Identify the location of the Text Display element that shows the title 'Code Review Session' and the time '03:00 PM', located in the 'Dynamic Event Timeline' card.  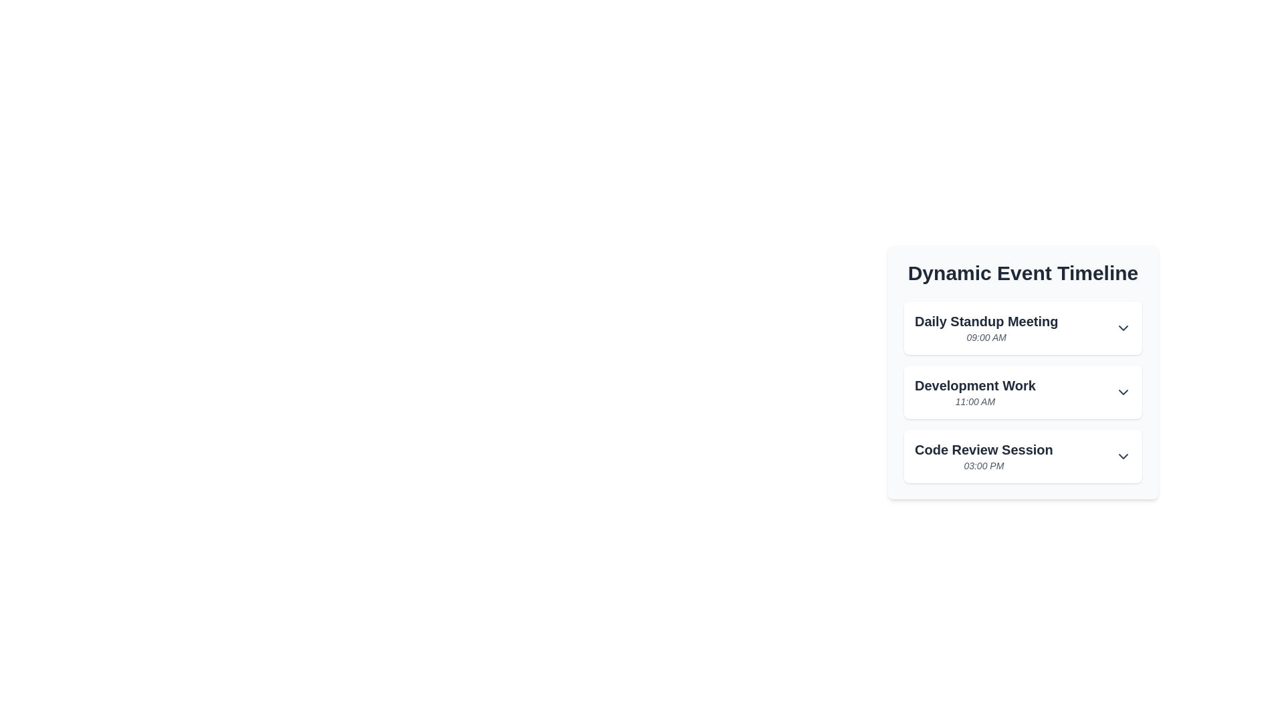
(984, 455).